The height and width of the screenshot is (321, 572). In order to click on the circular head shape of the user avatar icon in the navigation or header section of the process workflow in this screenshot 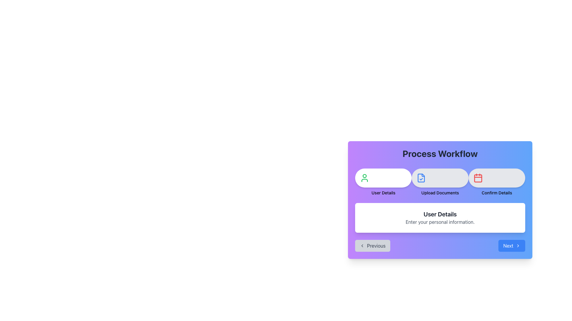, I will do `click(364, 175)`.